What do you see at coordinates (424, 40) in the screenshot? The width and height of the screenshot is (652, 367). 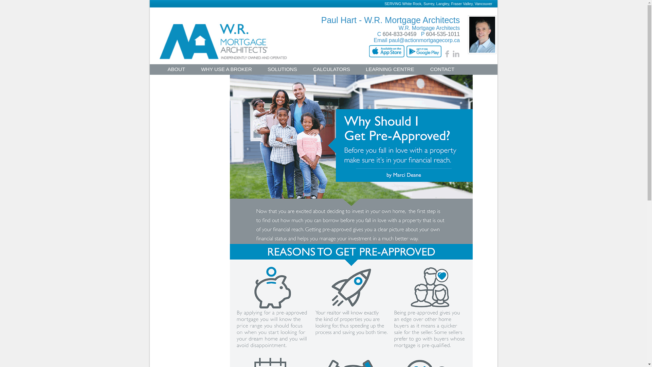 I see `'paul@actionmortgagecorp.ca'` at bounding box center [424, 40].